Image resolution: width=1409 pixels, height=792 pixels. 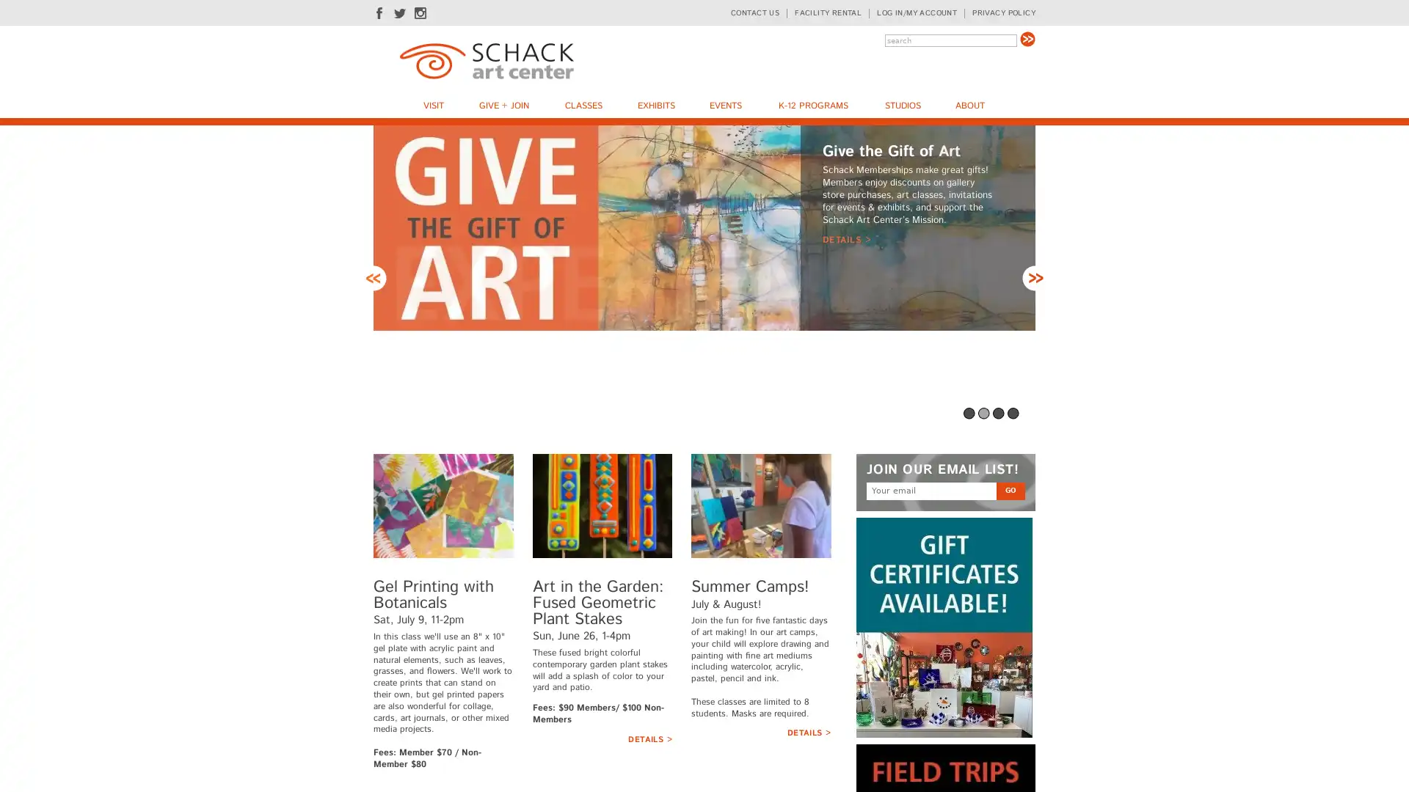 I want to click on Go, so click(x=1010, y=490).